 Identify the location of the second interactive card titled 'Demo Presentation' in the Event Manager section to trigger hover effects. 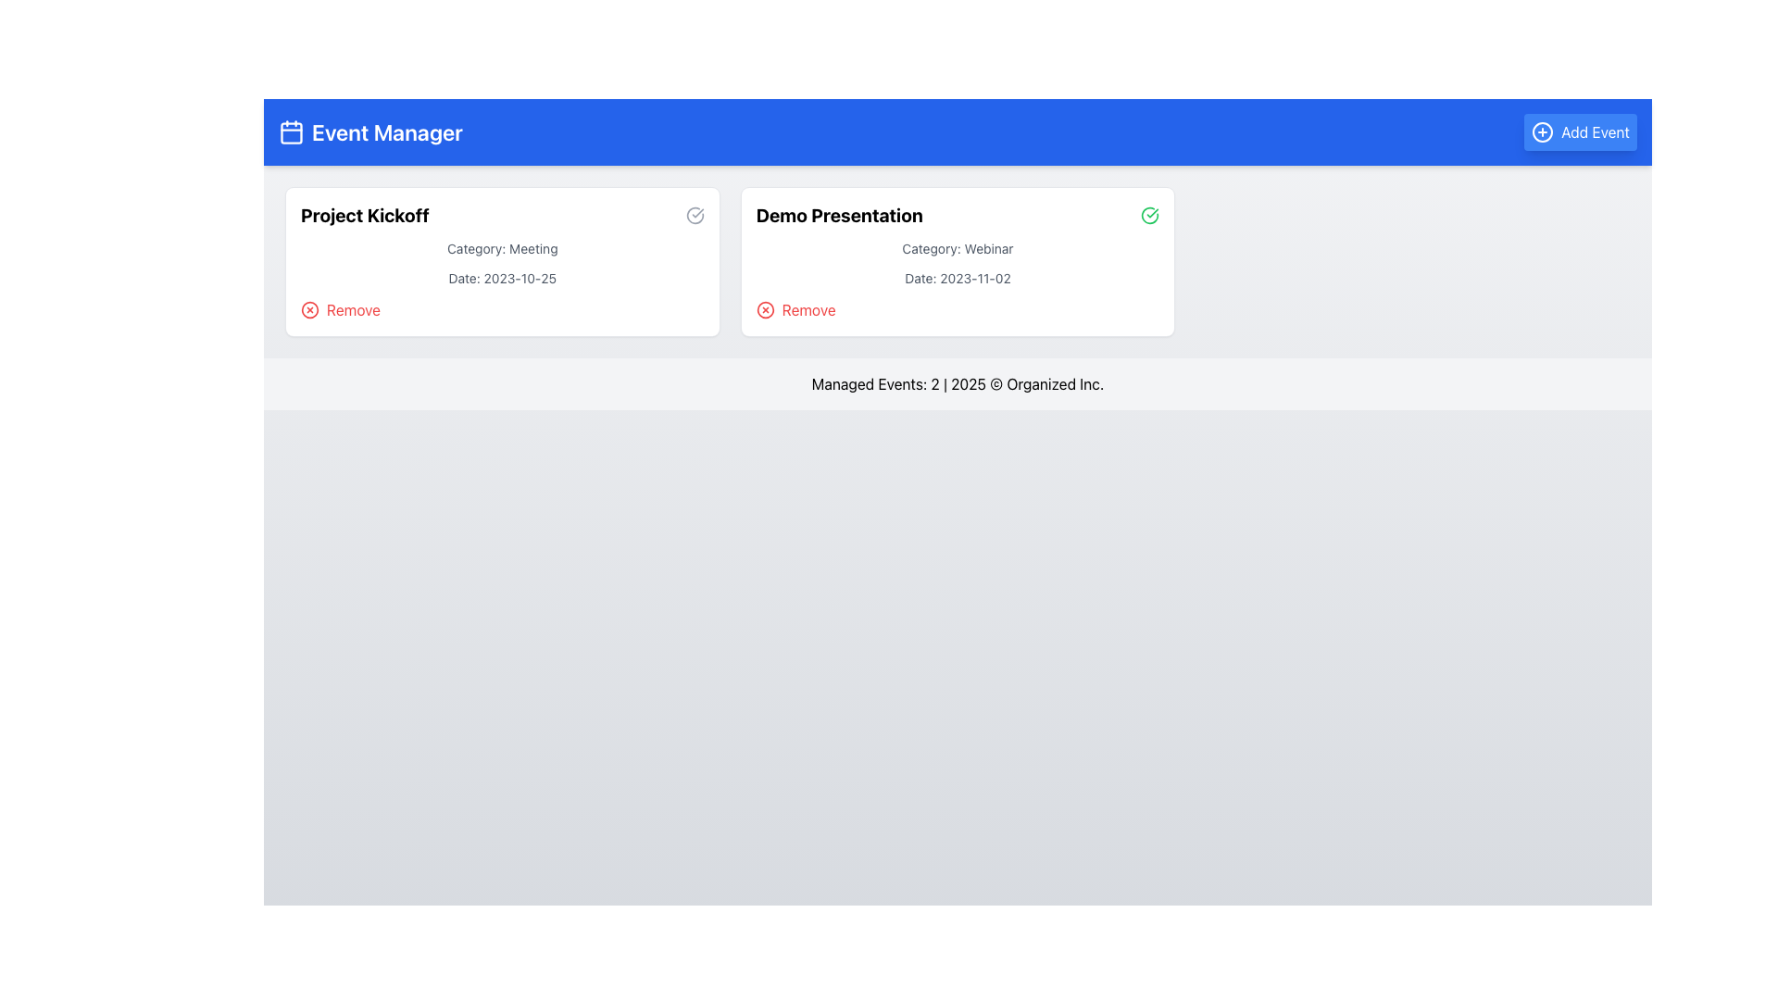
(958, 261).